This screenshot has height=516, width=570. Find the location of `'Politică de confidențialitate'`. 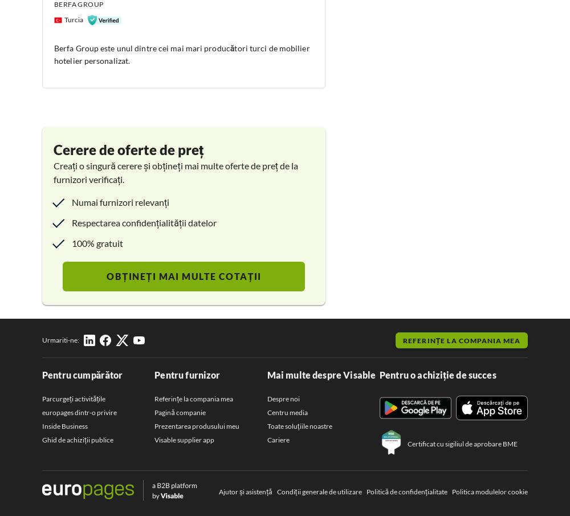

'Politică de confidențialitate' is located at coordinates (406, 491).